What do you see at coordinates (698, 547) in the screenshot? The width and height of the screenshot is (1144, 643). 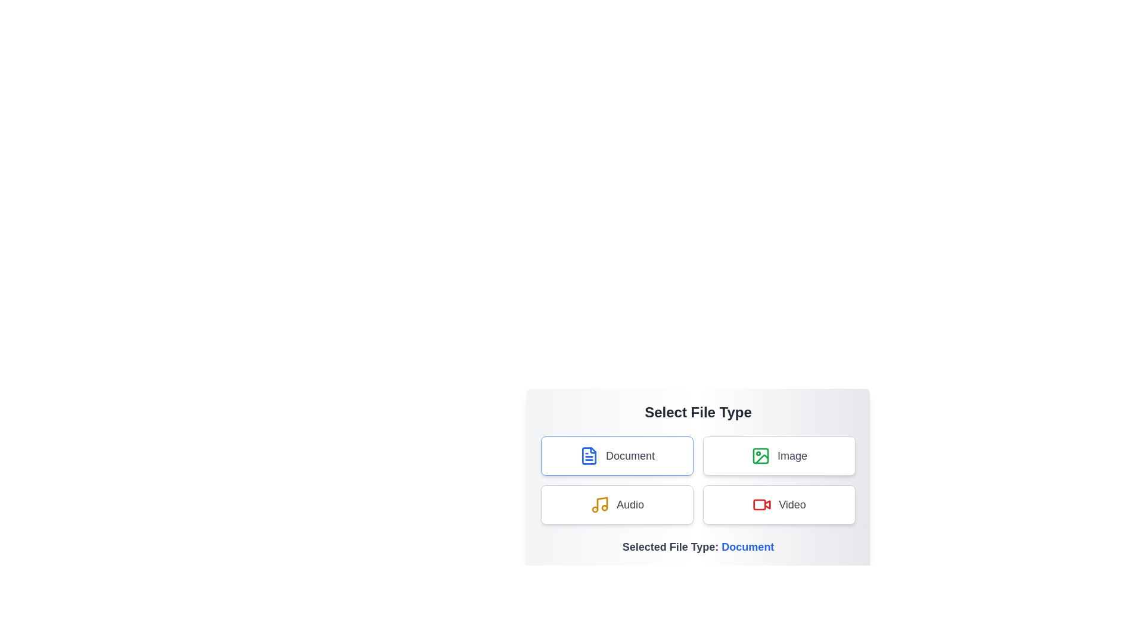 I see `the static text label that displays the current selection for the file type, positioned at the bottom of the file type selection options` at bounding box center [698, 547].